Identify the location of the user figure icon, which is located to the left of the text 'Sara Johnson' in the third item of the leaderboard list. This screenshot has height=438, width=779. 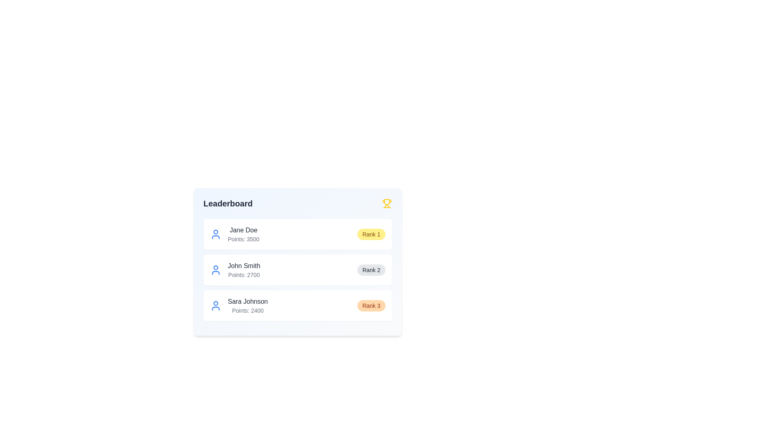
(215, 305).